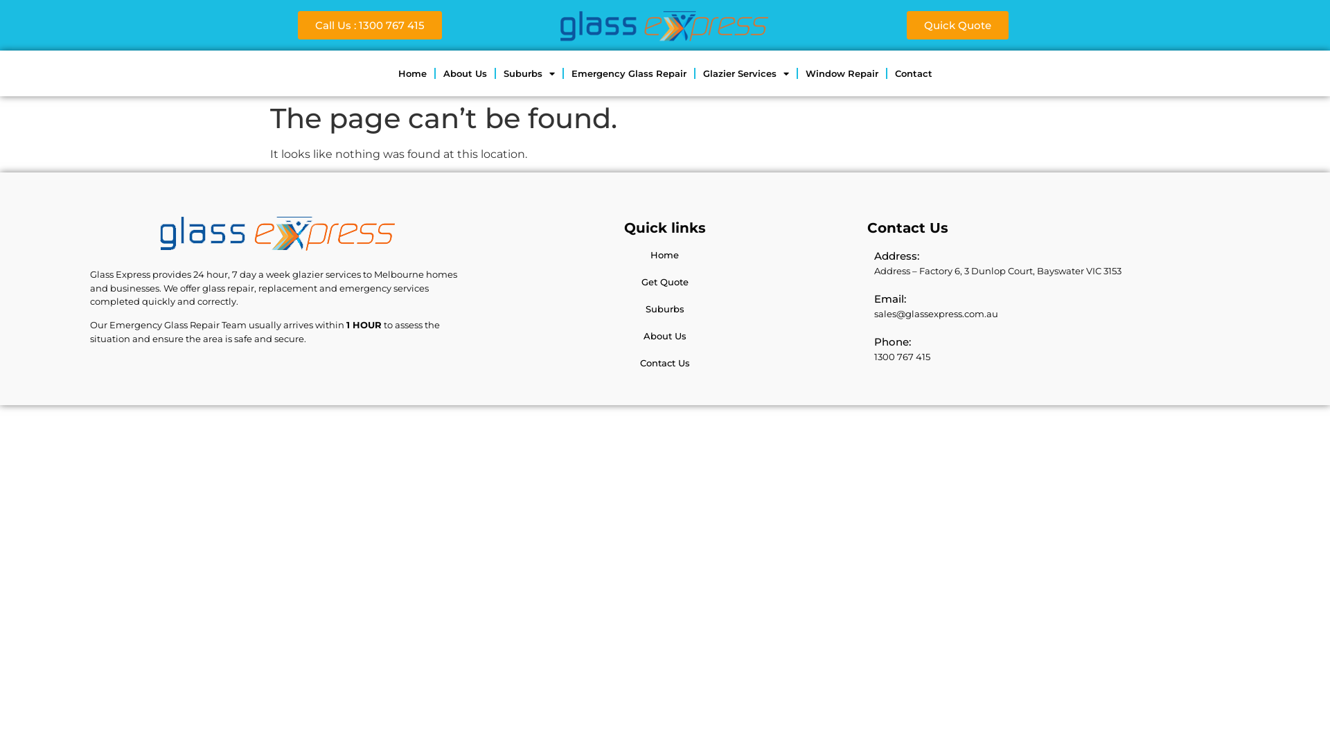 The height and width of the screenshot is (748, 1330). Describe the element at coordinates (745, 73) in the screenshot. I see `'Glazier Services'` at that location.